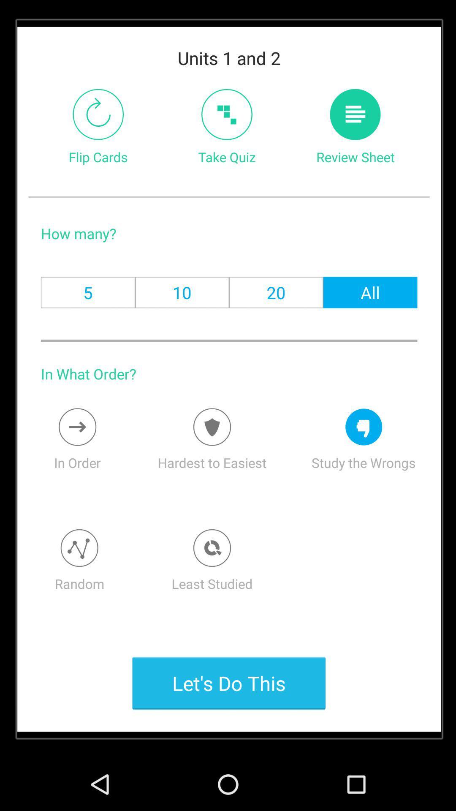  What do you see at coordinates (77, 427) in the screenshot?
I see `option` at bounding box center [77, 427].